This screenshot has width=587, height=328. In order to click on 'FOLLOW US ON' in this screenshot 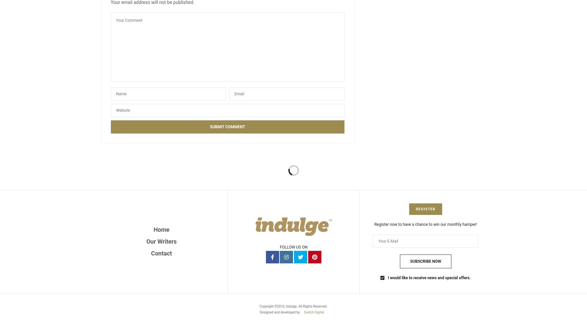, I will do `click(293, 247)`.